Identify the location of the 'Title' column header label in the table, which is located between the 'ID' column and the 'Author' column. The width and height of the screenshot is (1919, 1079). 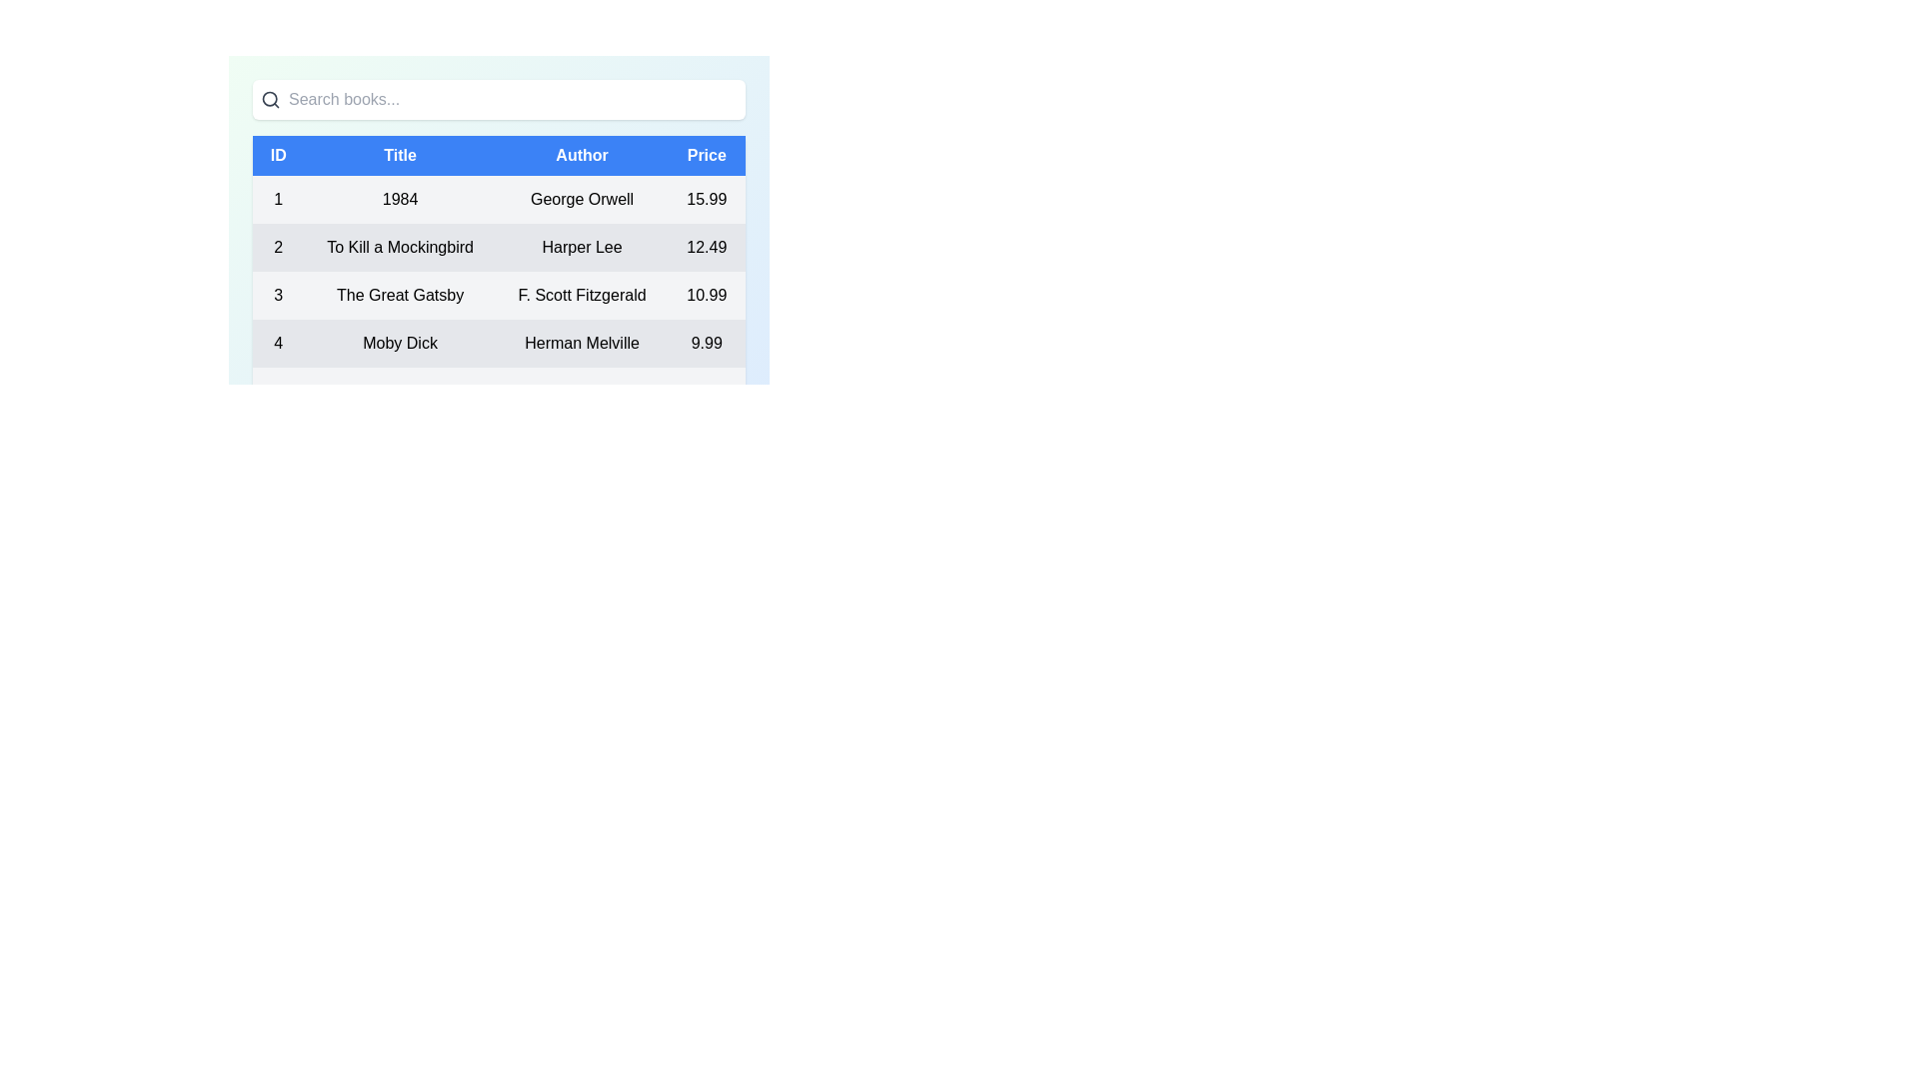
(400, 154).